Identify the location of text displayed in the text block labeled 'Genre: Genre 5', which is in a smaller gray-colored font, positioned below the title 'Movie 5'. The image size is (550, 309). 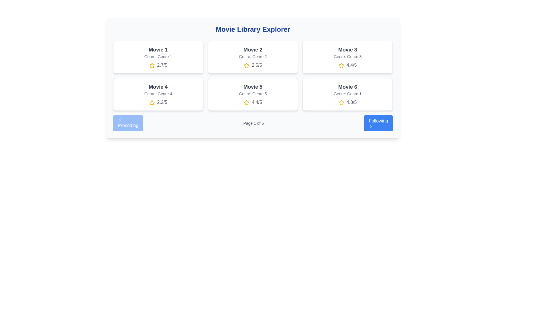
(253, 93).